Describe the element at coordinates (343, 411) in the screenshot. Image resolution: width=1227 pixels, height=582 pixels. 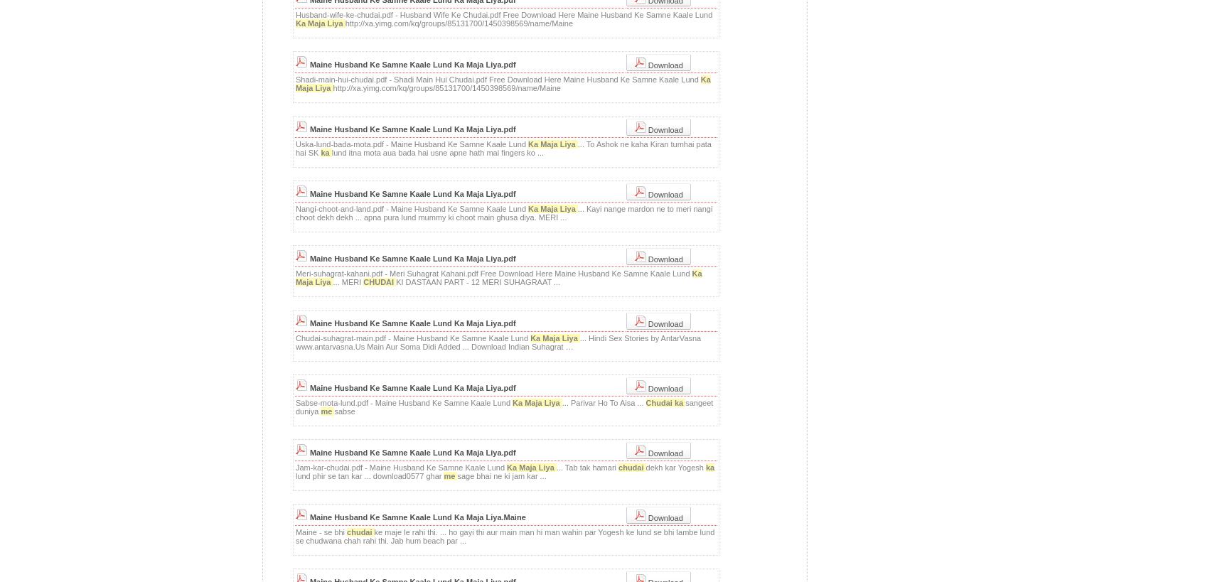
I see `'sabse'` at that location.